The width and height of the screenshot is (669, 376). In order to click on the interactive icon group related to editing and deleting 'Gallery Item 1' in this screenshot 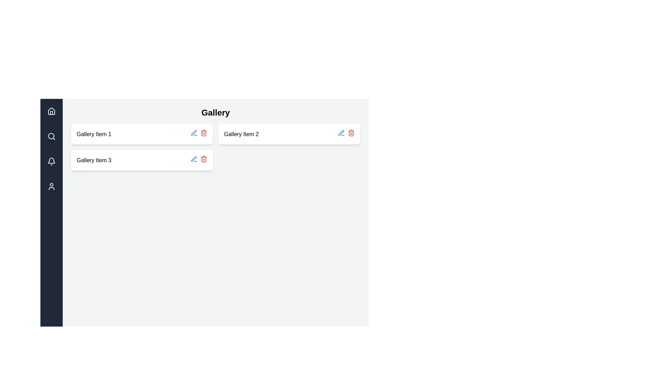, I will do `click(199, 134)`.